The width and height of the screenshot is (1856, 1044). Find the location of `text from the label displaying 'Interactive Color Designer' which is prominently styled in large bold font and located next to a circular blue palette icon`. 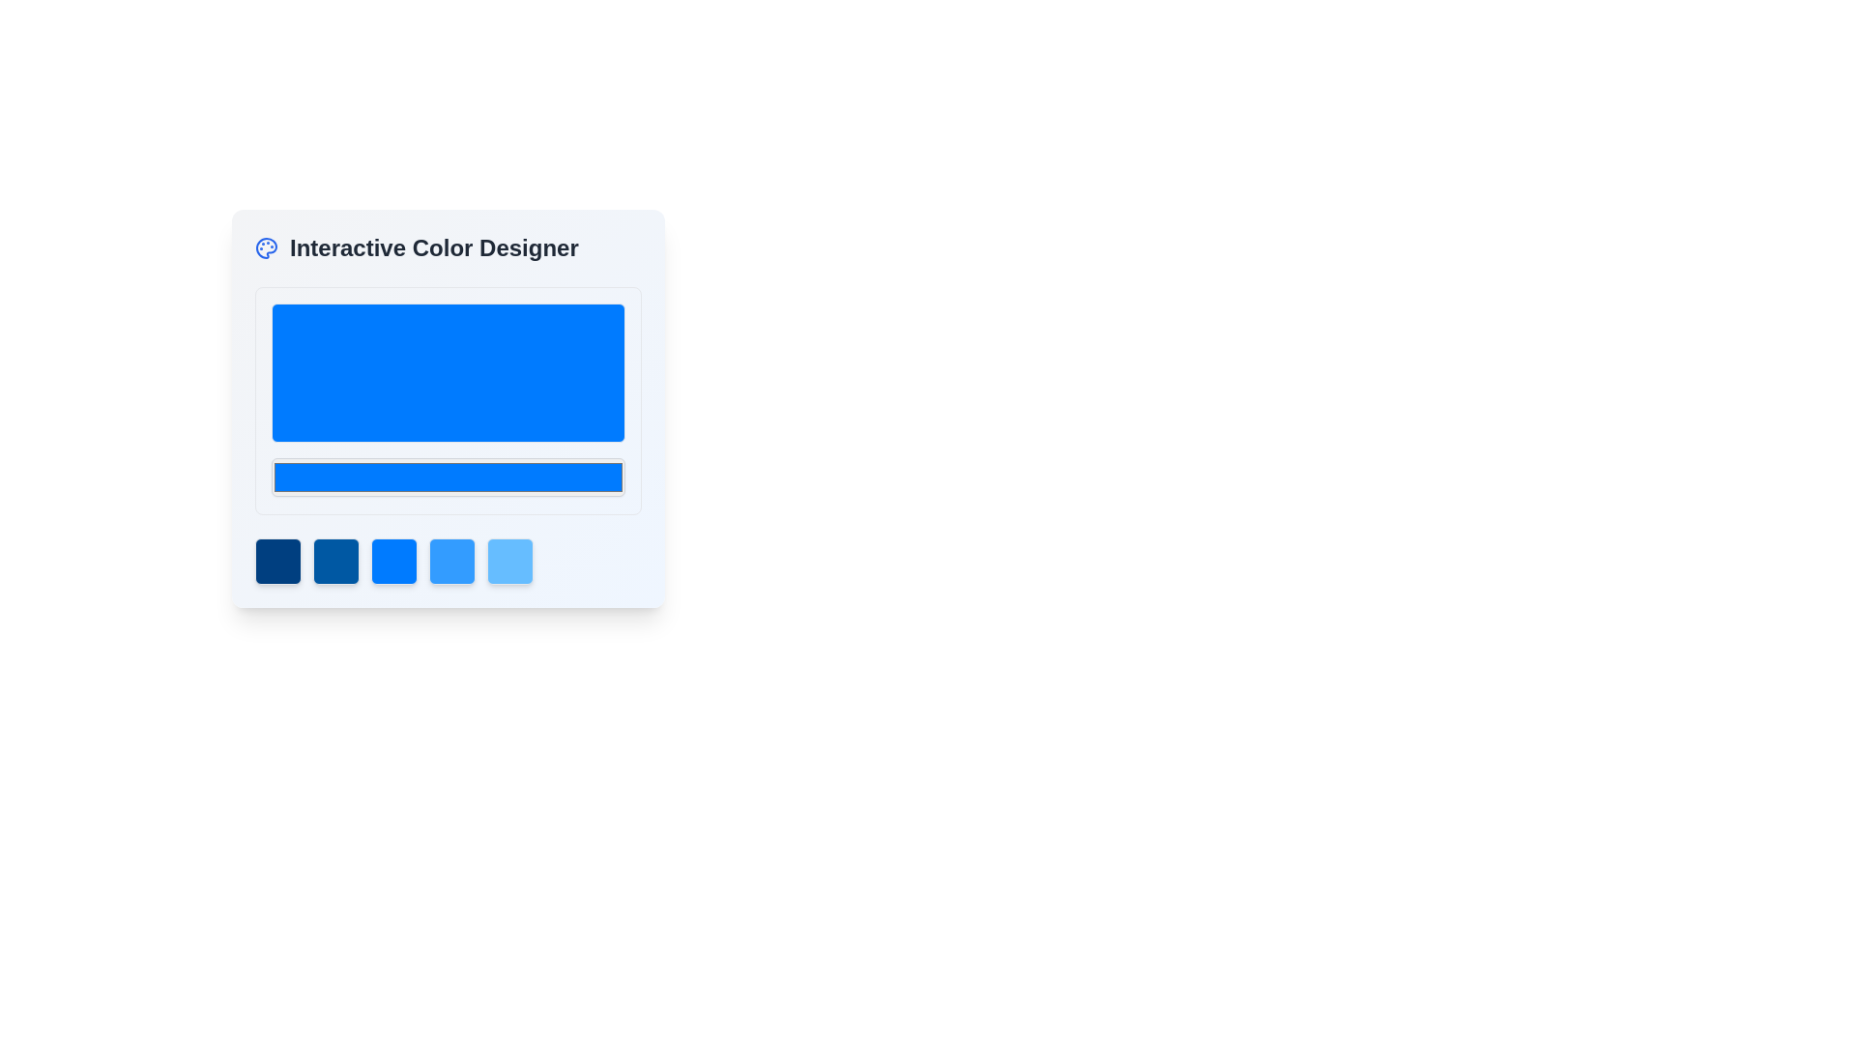

text from the label displaying 'Interactive Color Designer' which is prominently styled in large bold font and located next to a circular blue palette icon is located at coordinates (433, 247).